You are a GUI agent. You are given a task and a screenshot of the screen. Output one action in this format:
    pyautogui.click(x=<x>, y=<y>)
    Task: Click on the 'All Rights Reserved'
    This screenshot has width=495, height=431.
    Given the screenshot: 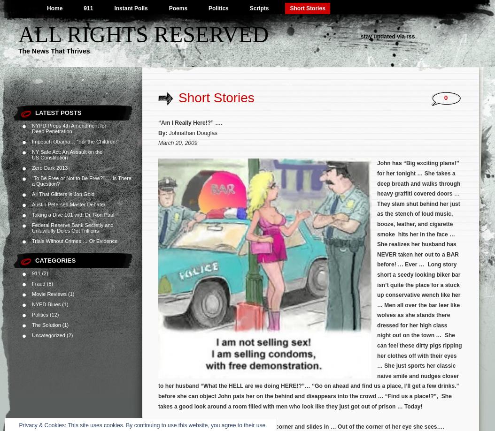 What is the action you would take?
    pyautogui.click(x=143, y=34)
    